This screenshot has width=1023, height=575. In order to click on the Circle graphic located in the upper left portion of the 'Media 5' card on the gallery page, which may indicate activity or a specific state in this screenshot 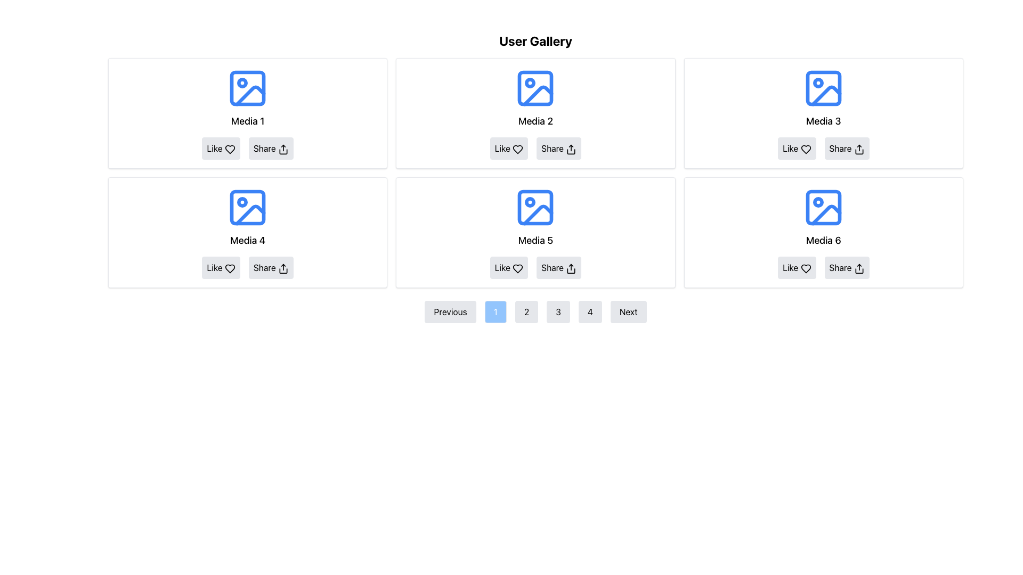, I will do `click(530, 202)`.